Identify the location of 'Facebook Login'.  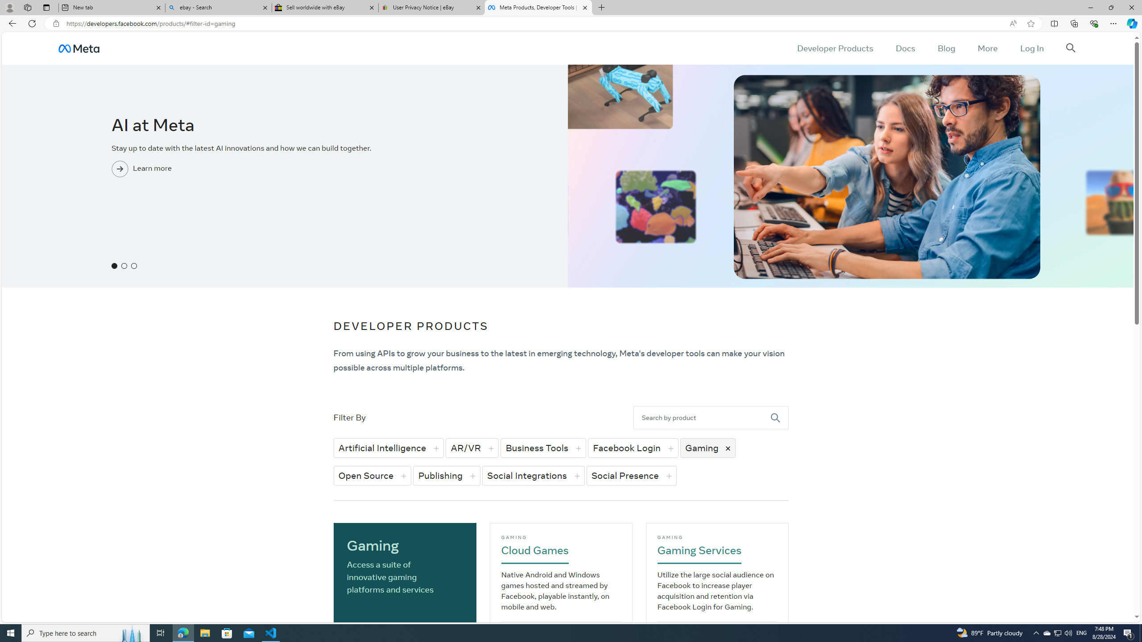
(633, 448).